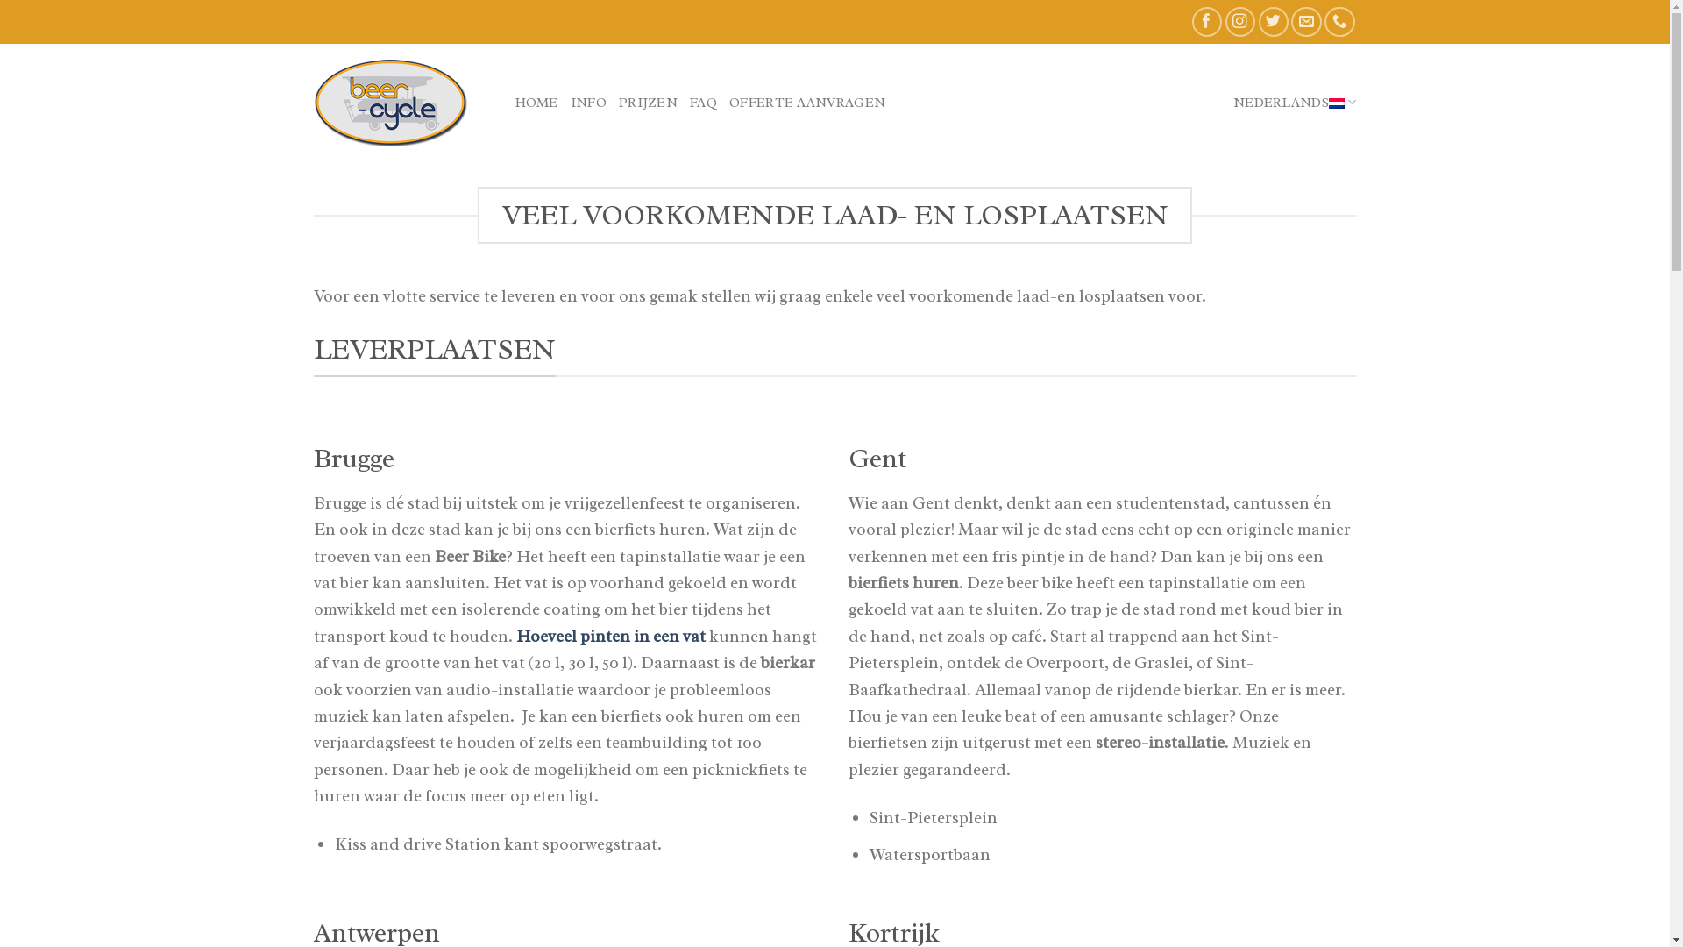  I want to click on 'OFFERTE AANVRAGEN', so click(806, 101).